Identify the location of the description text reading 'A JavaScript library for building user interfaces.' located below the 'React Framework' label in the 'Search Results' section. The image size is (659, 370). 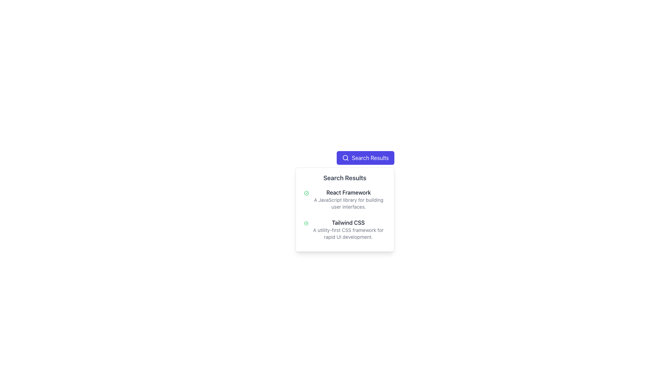
(348, 203).